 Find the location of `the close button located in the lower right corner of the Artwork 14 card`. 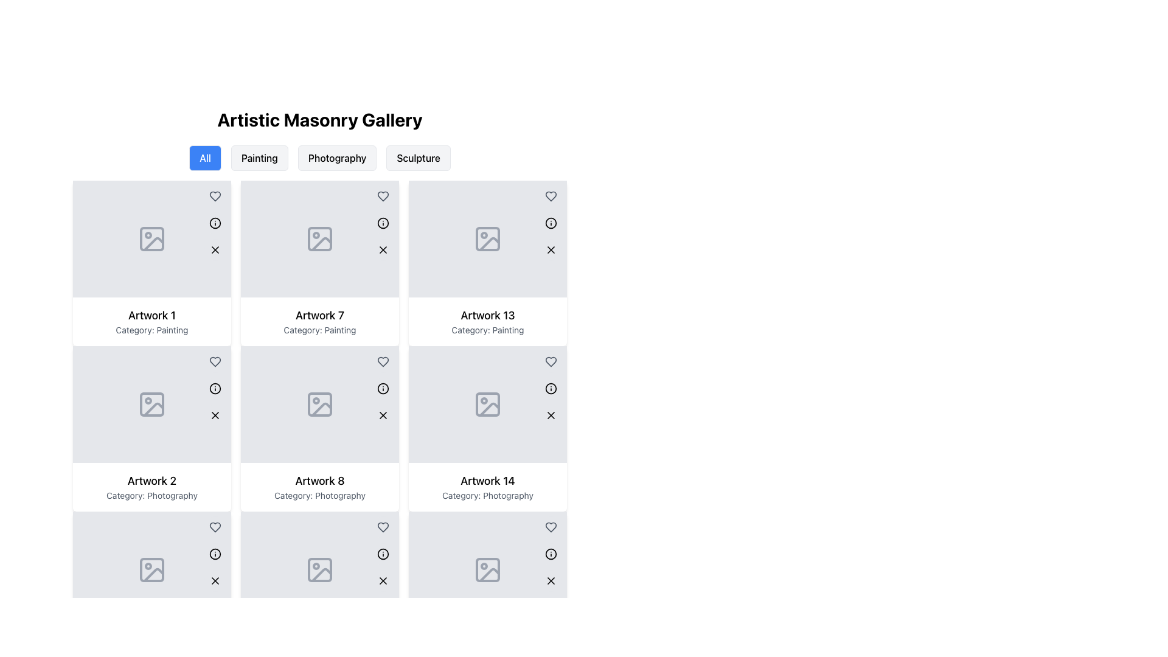

the close button located in the lower right corner of the Artwork 14 card is located at coordinates (551, 414).